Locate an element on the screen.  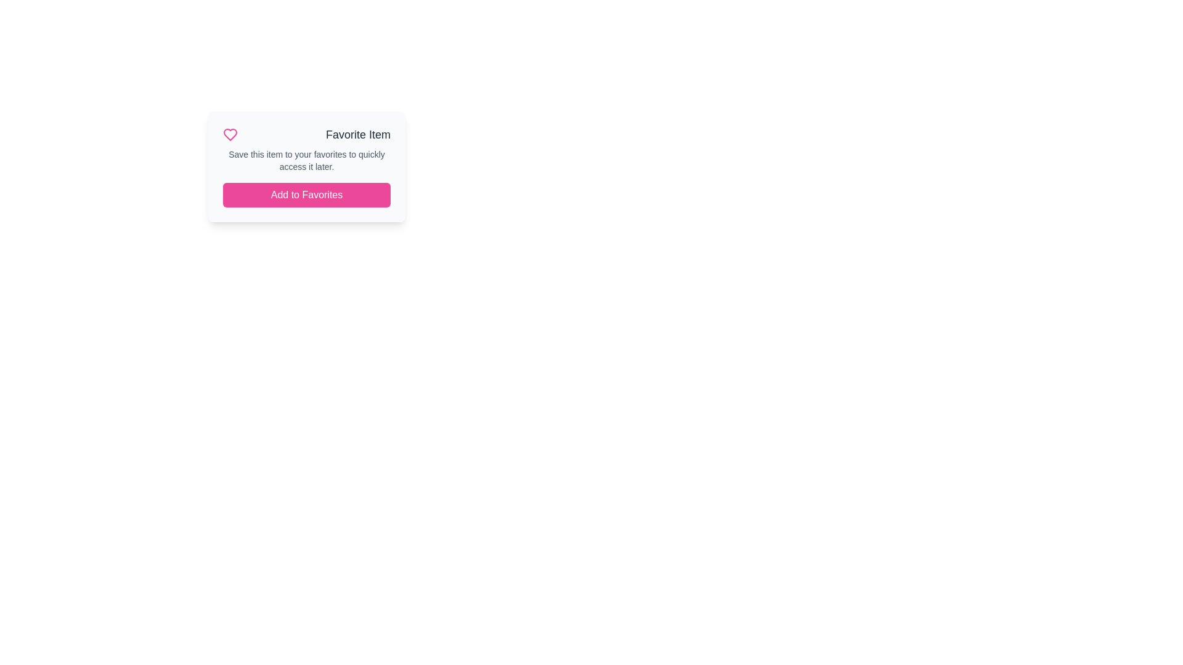
the heart icon at the top-left of the card interface, which represents the 'Add to Favorites' functionality is located at coordinates (230, 135).